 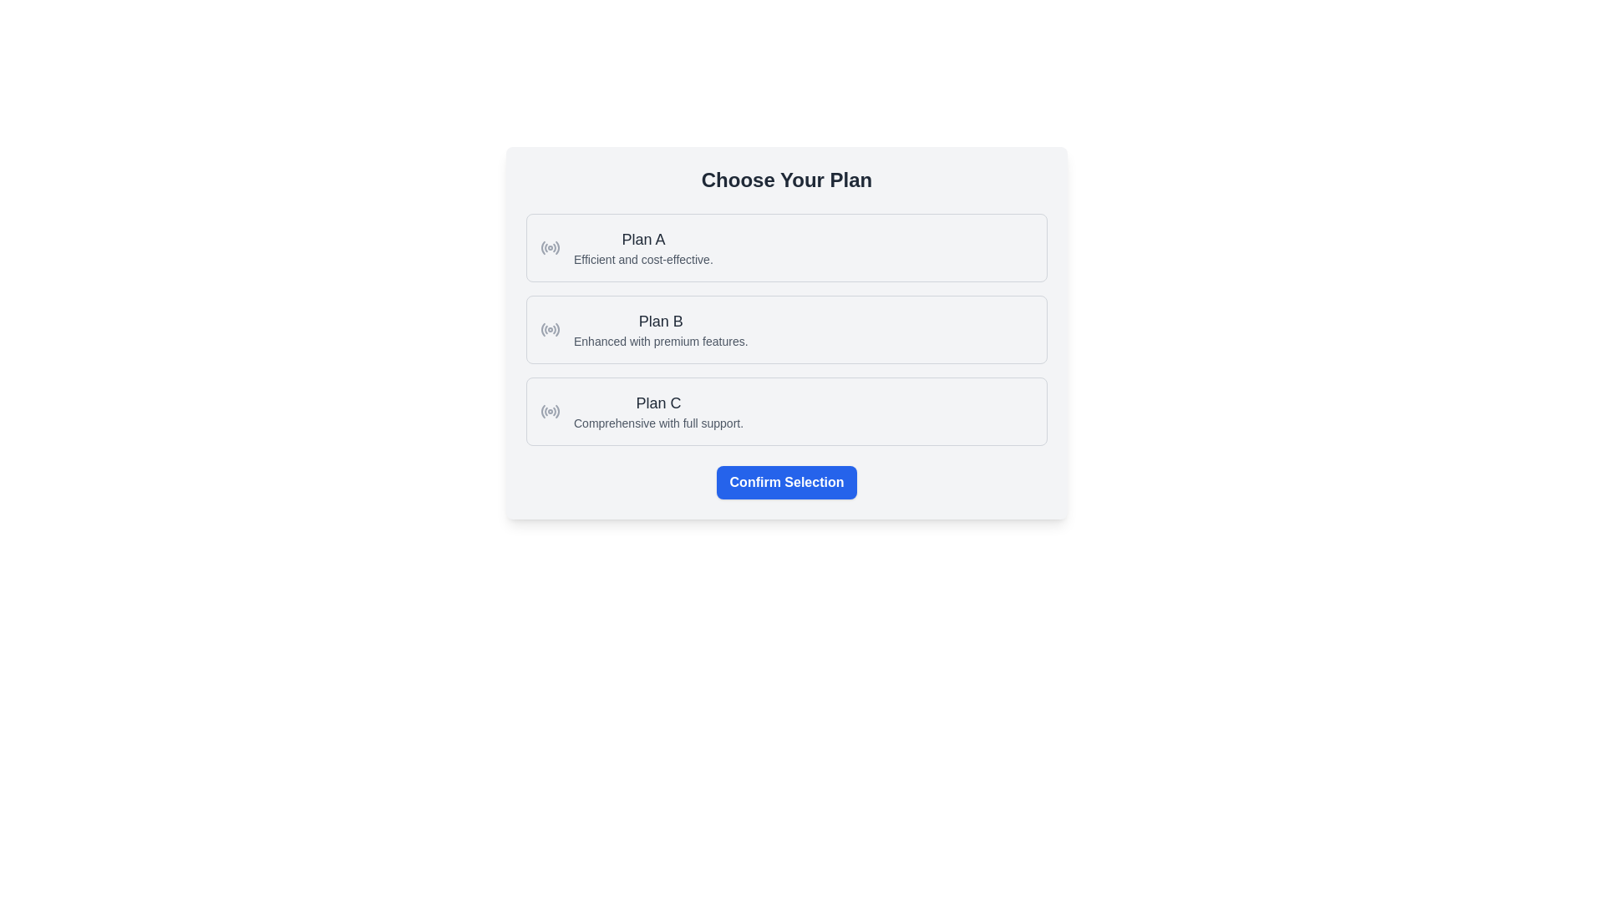 I want to click on the Indicator icon preceding 'Plan C Comprehensive with full support.', so click(x=550, y=412).